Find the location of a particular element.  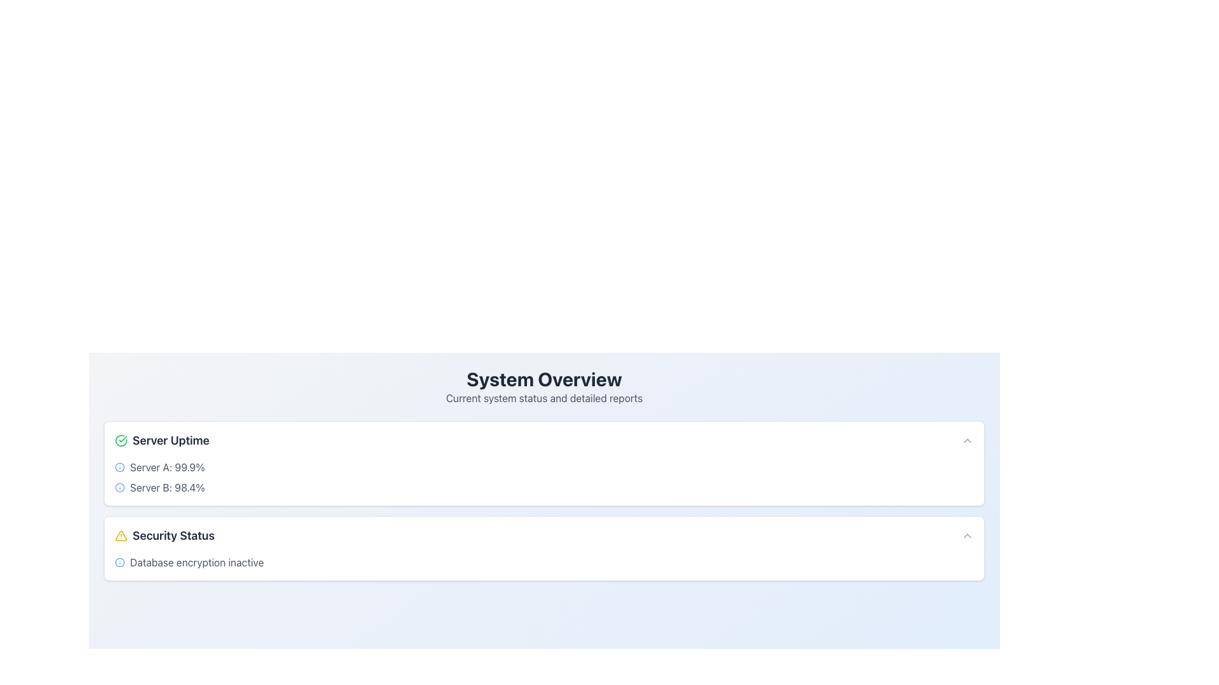

the information icon located to the left of the text 'Server A: 99.9%' in the 'Server Uptime' section is located at coordinates (119, 467).